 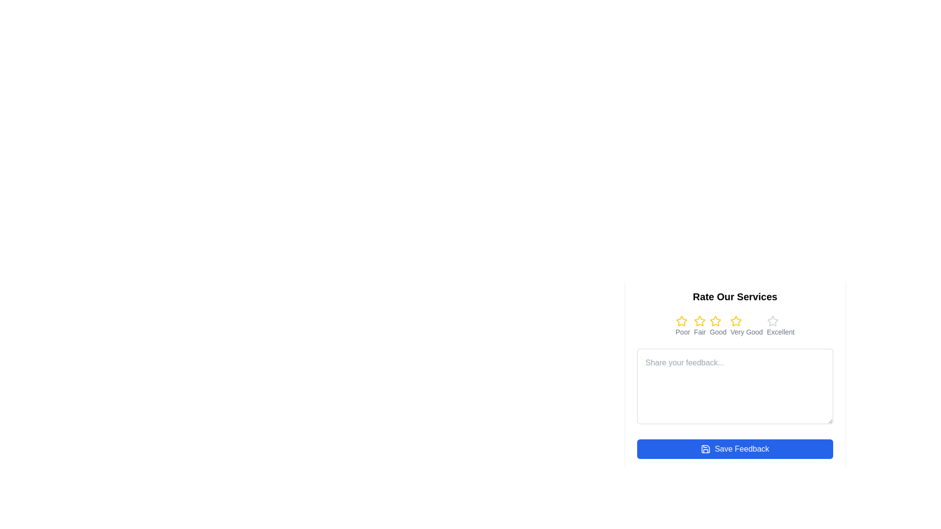 I want to click on the first star icon in the star rating system, which indicates the 'Poor' rating level, so click(x=681, y=321).